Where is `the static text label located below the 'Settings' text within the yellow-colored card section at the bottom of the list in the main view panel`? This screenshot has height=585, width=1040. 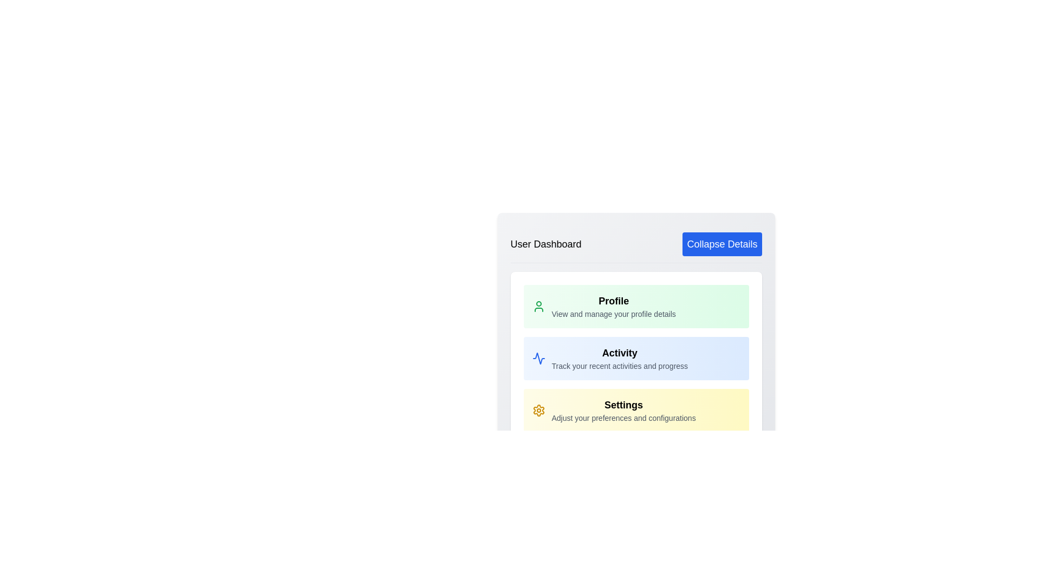 the static text label located below the 'Settings' text within the yellow-colored card section at the bottom of the list in the main view panel is located at coordinates (623, 417).